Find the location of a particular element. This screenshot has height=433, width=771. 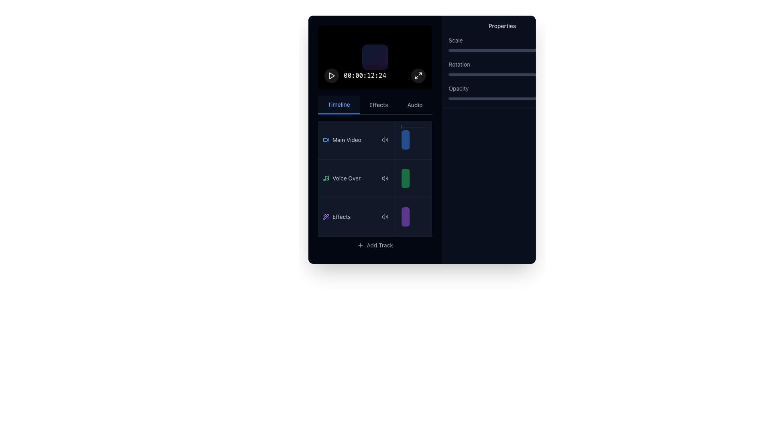

the sliders in the Composite component for Scale, Rotation, and Opacity located in the Properties section of the right-hand panel is located at coordinates (501, 69).